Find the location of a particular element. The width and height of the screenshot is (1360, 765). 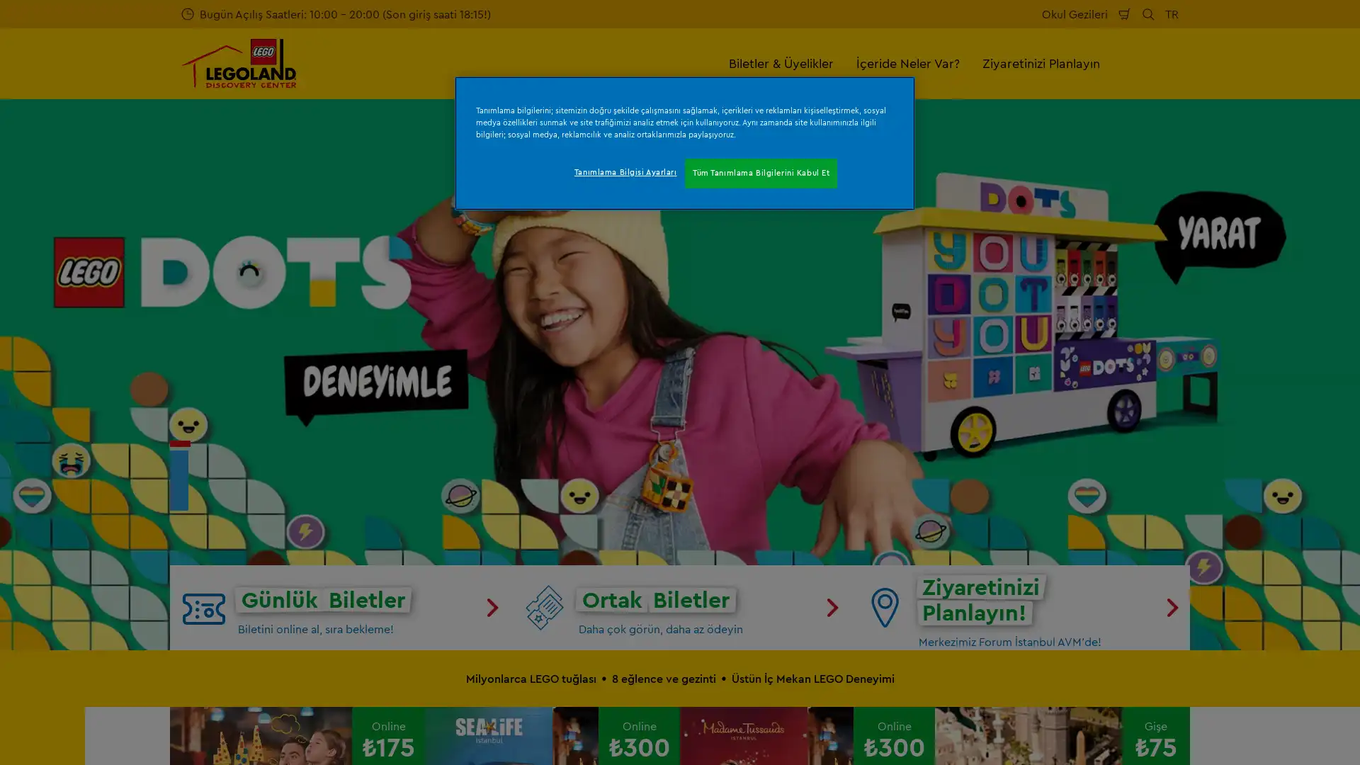

Arama is located at coordinates (1148, 13).